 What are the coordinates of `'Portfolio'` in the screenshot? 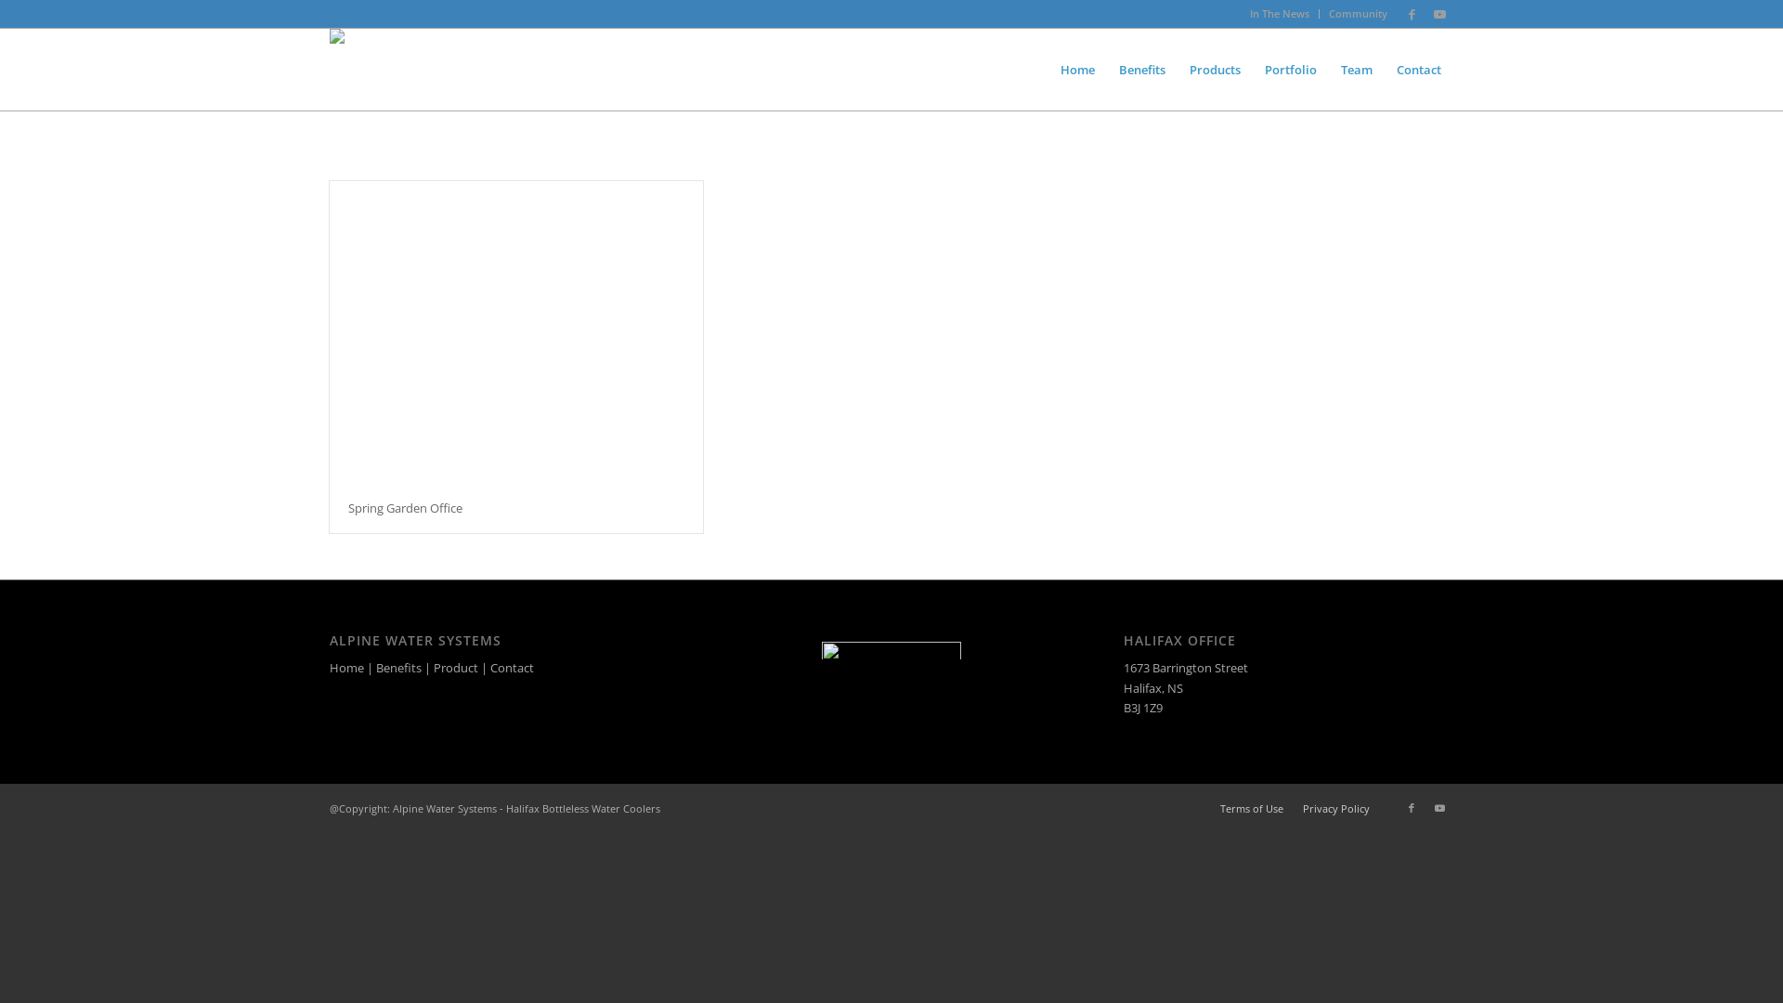 It's located at (1290, 68).